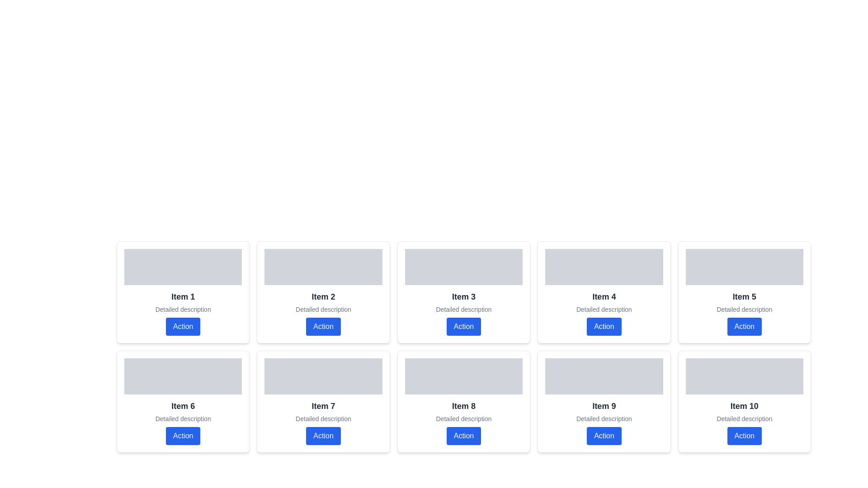  What do you see at coordinates (183, 326) in the screenshot?
I see `the blue button labeled 'Action' with white text, located at the bottom of the 'Item 1' card, beneath the 'Detailed description'` at bounding box center [183, 326].